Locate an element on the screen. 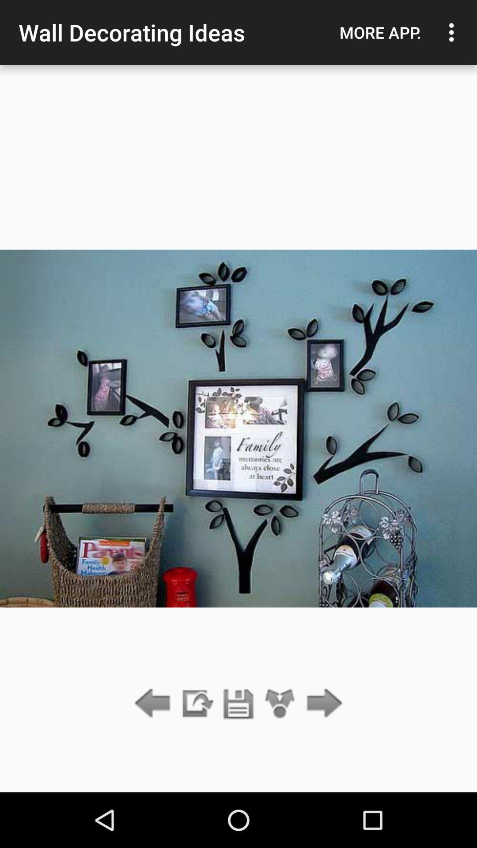 The image size is (477, 848). the arrow_backward icon is located at coordinates (155, 704).